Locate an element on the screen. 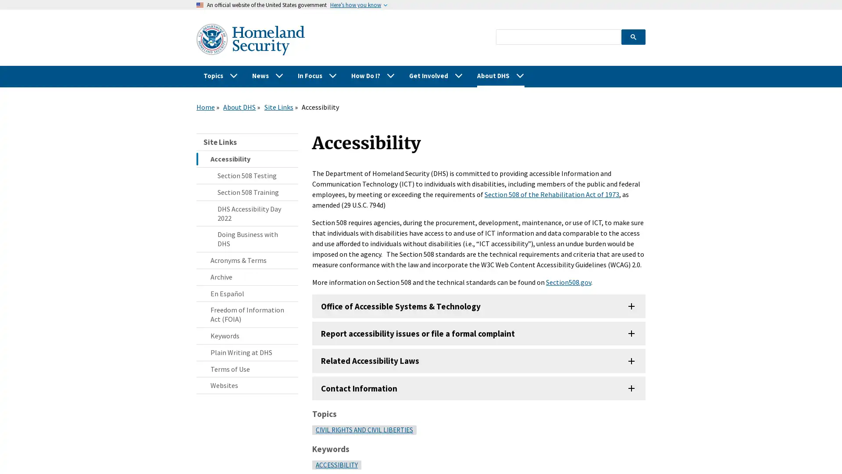  In Focus is located at coordinates (317, 75).